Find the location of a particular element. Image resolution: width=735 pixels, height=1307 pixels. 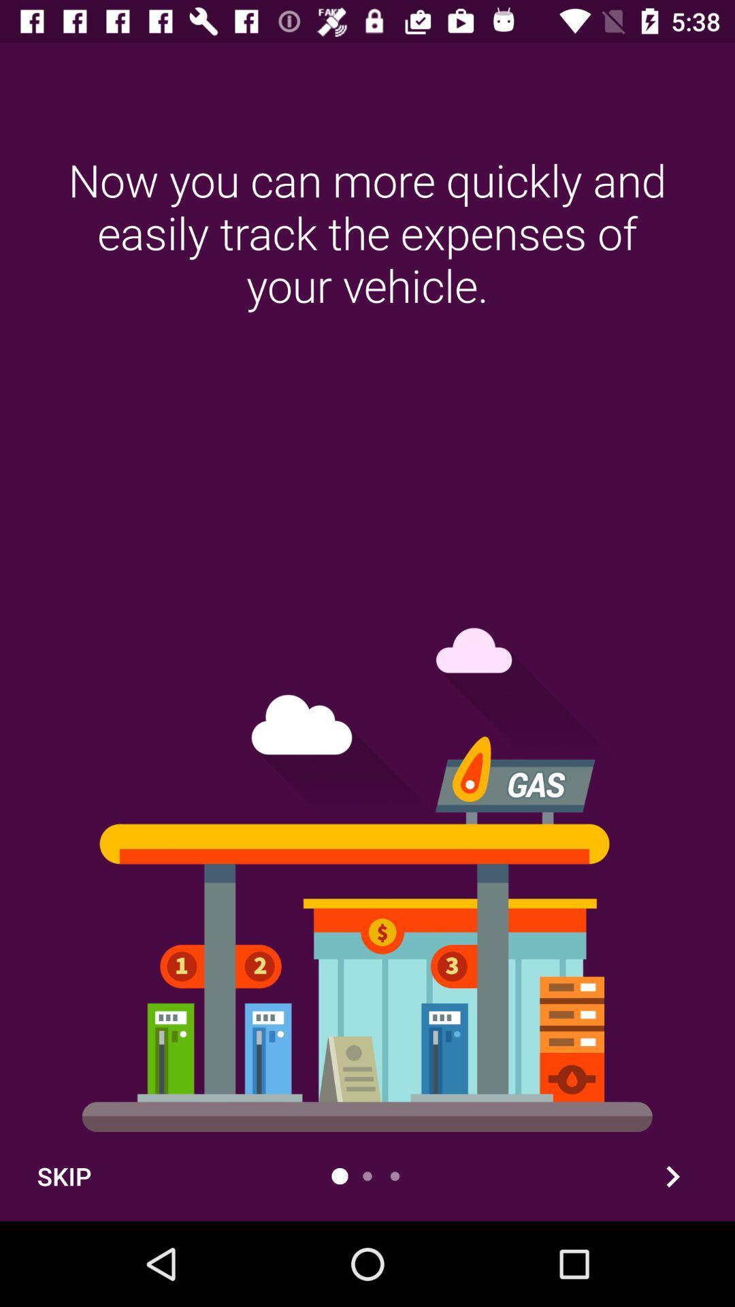

the arrow_forward icon is located at coordinates (672, 1176).